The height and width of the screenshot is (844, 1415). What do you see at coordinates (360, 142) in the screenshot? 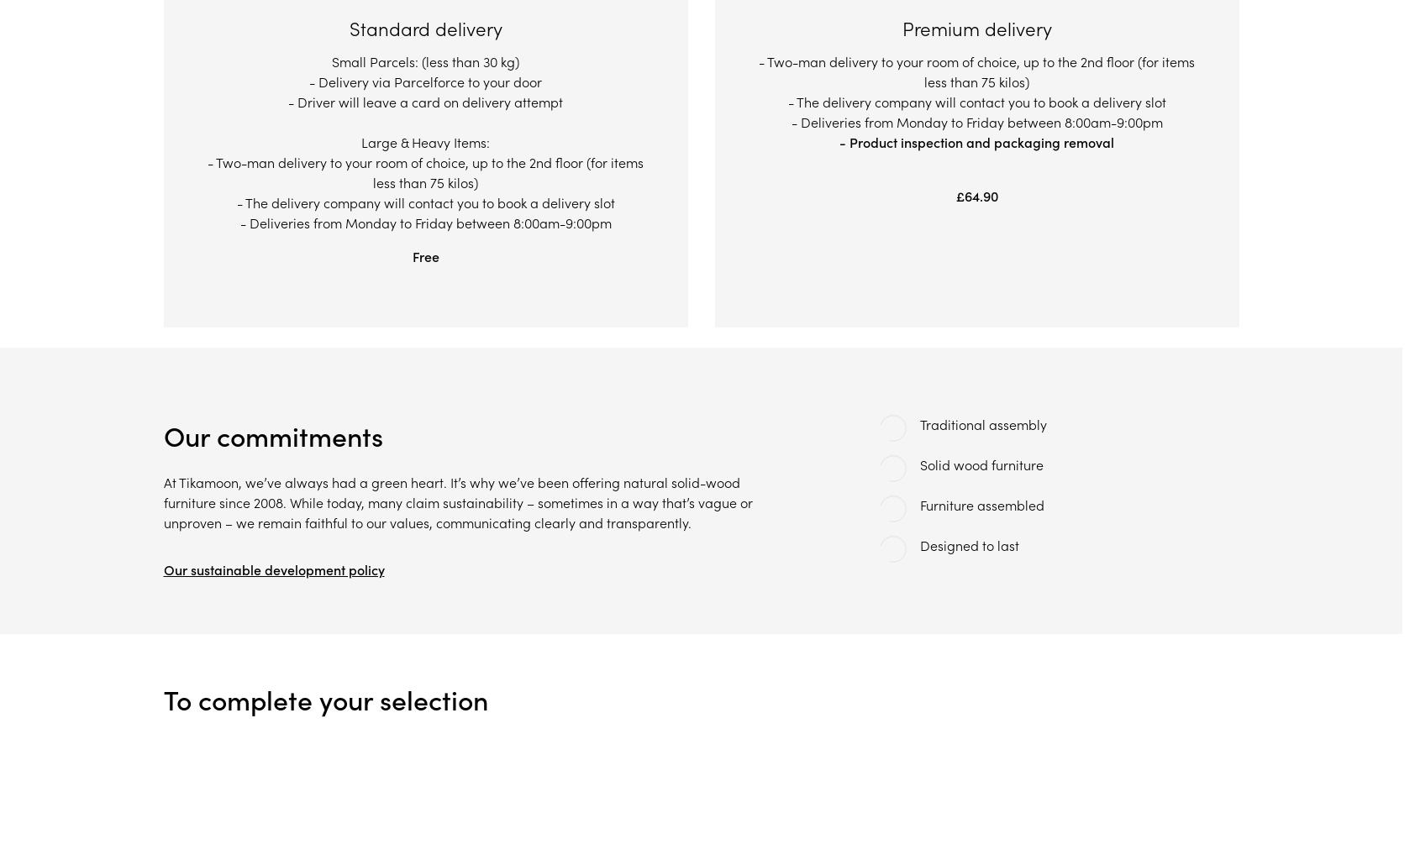
I see `'Large & Heavy Items:'` at bounding box center [360, 142].